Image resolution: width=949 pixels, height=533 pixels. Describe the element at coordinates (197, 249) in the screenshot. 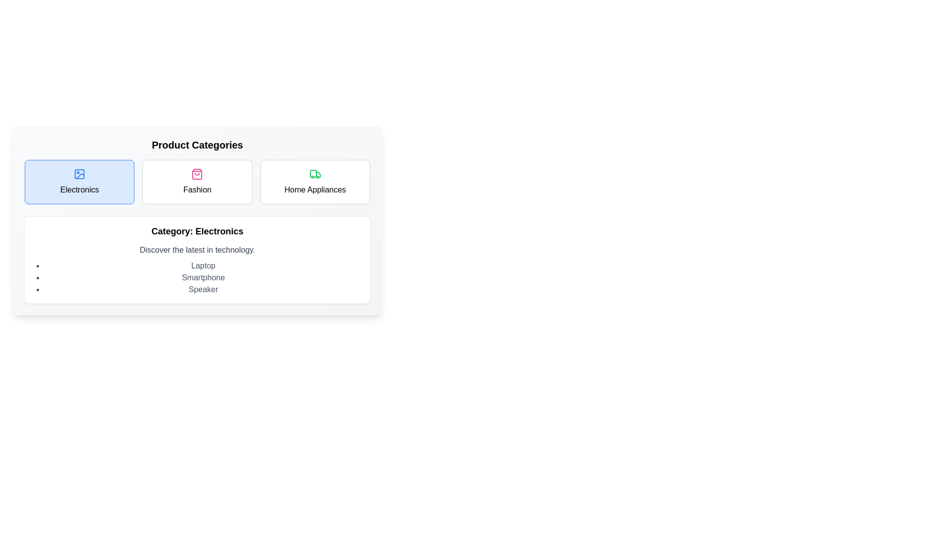

I see `the text label providing additional information about the 'Electronics' category, located directly below the section heading` at that location.